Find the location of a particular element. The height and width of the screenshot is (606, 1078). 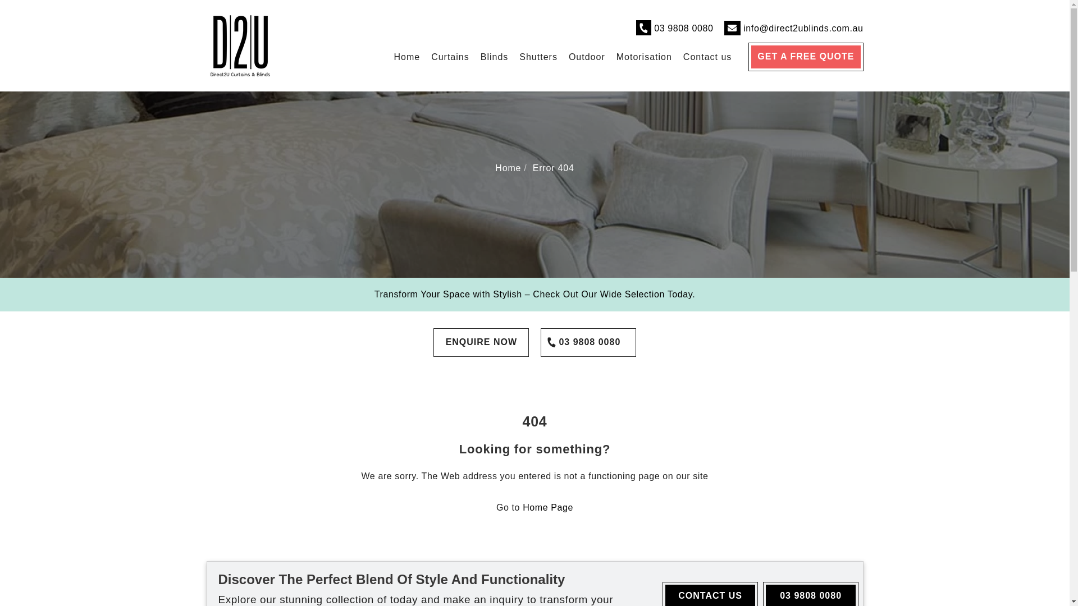

'ENQUIRE NOW' is located at coordinates (481, 342).